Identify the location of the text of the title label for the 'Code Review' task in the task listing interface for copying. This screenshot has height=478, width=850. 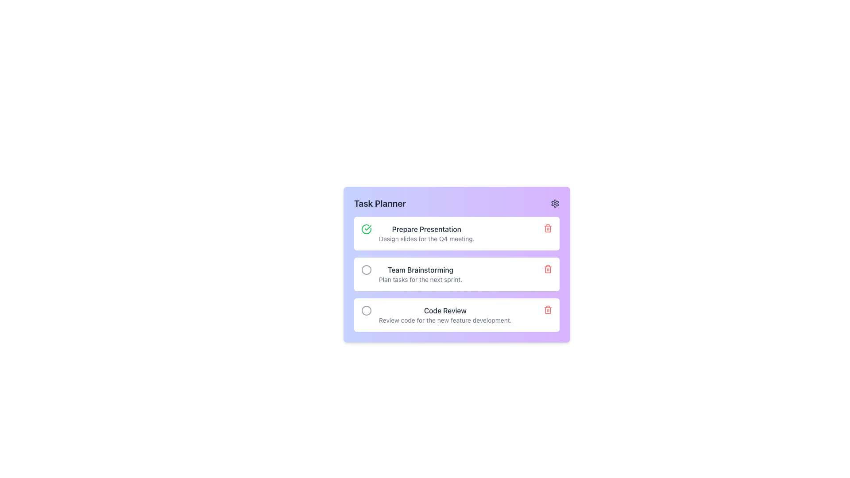
(445, 310).